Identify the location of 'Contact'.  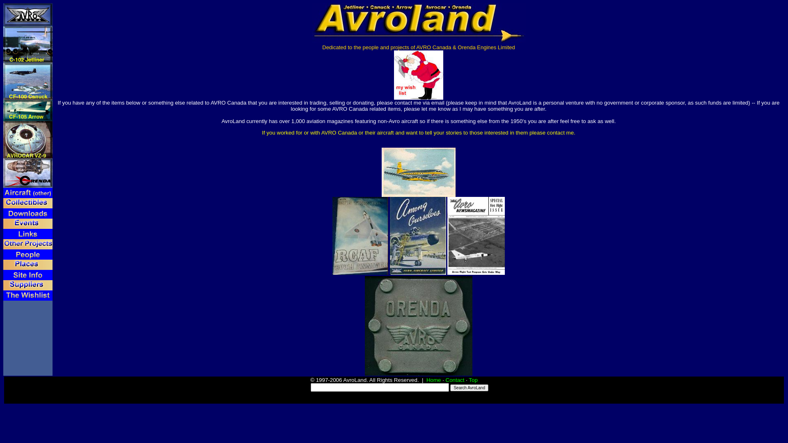
(454, 380).